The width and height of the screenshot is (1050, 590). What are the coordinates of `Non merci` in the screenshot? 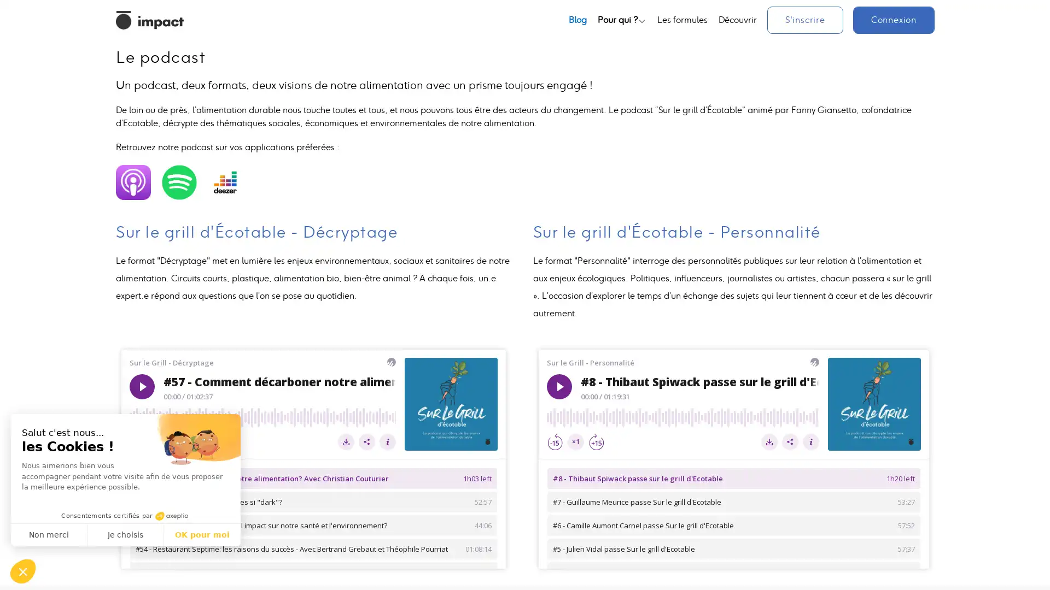 It's located at (49, 534).